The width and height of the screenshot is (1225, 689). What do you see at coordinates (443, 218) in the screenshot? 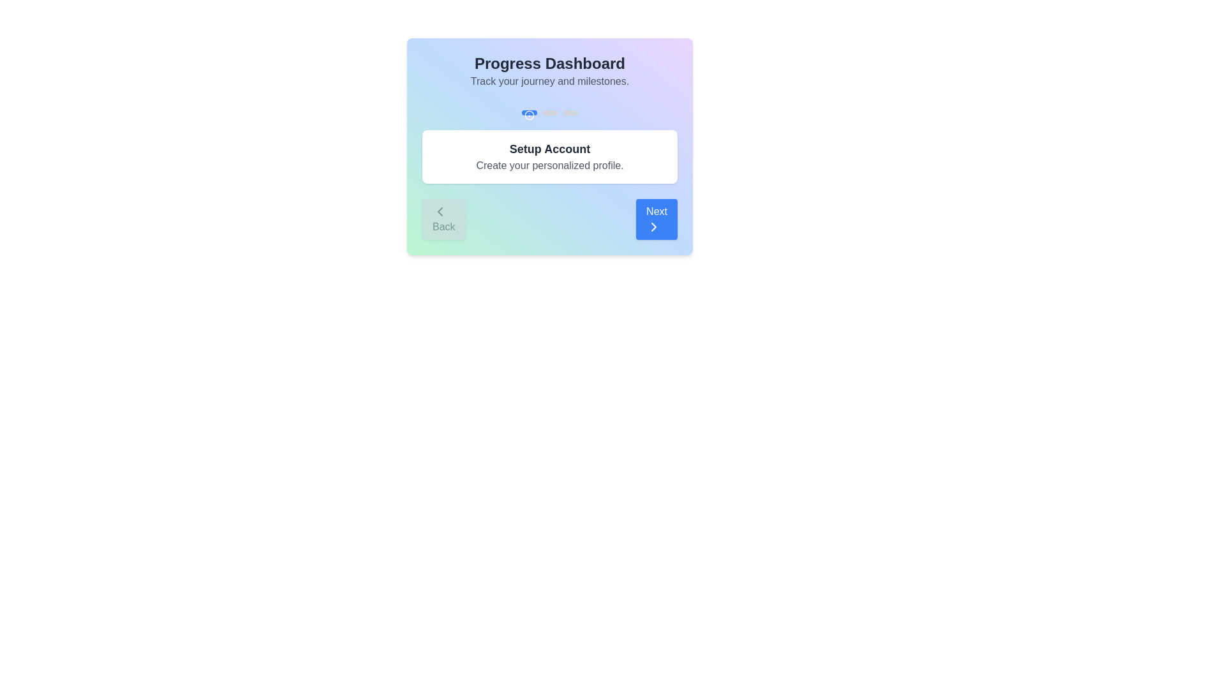
I see `the 'Back' button to navigate to the previous step` at bounding box center [443, 218].